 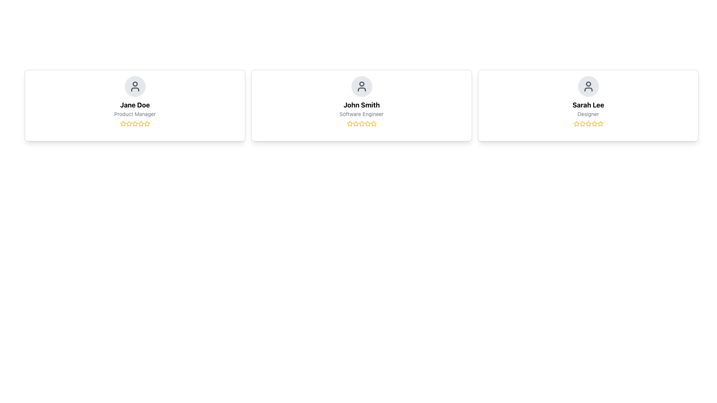 What do you see at coordinates (349, 123) in the screenshot?
I see `the first star icon outlined in gold, located under 'John Smith' and 'Software Engineer' in the central card of the three-card layout` at bounding box center [349, 123].